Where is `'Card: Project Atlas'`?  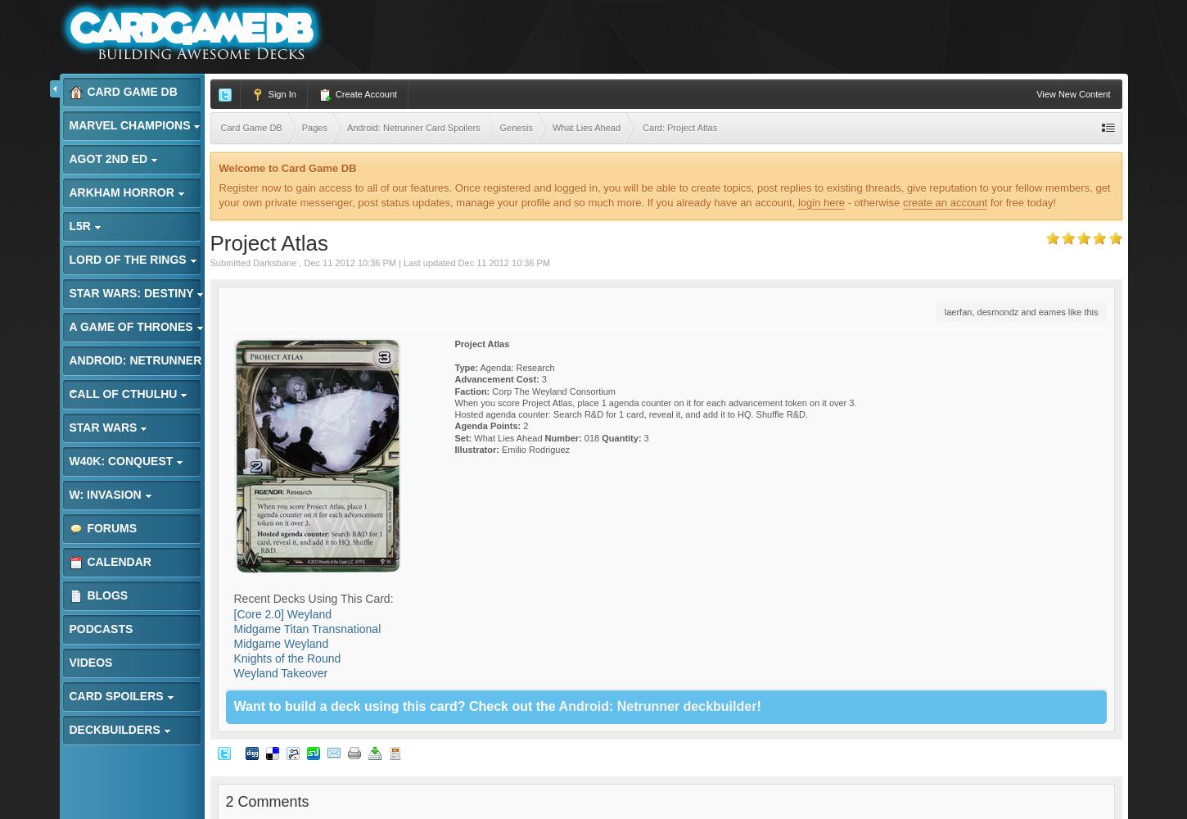 'Card: Project Atlas' is located at coordinates (643, 128).